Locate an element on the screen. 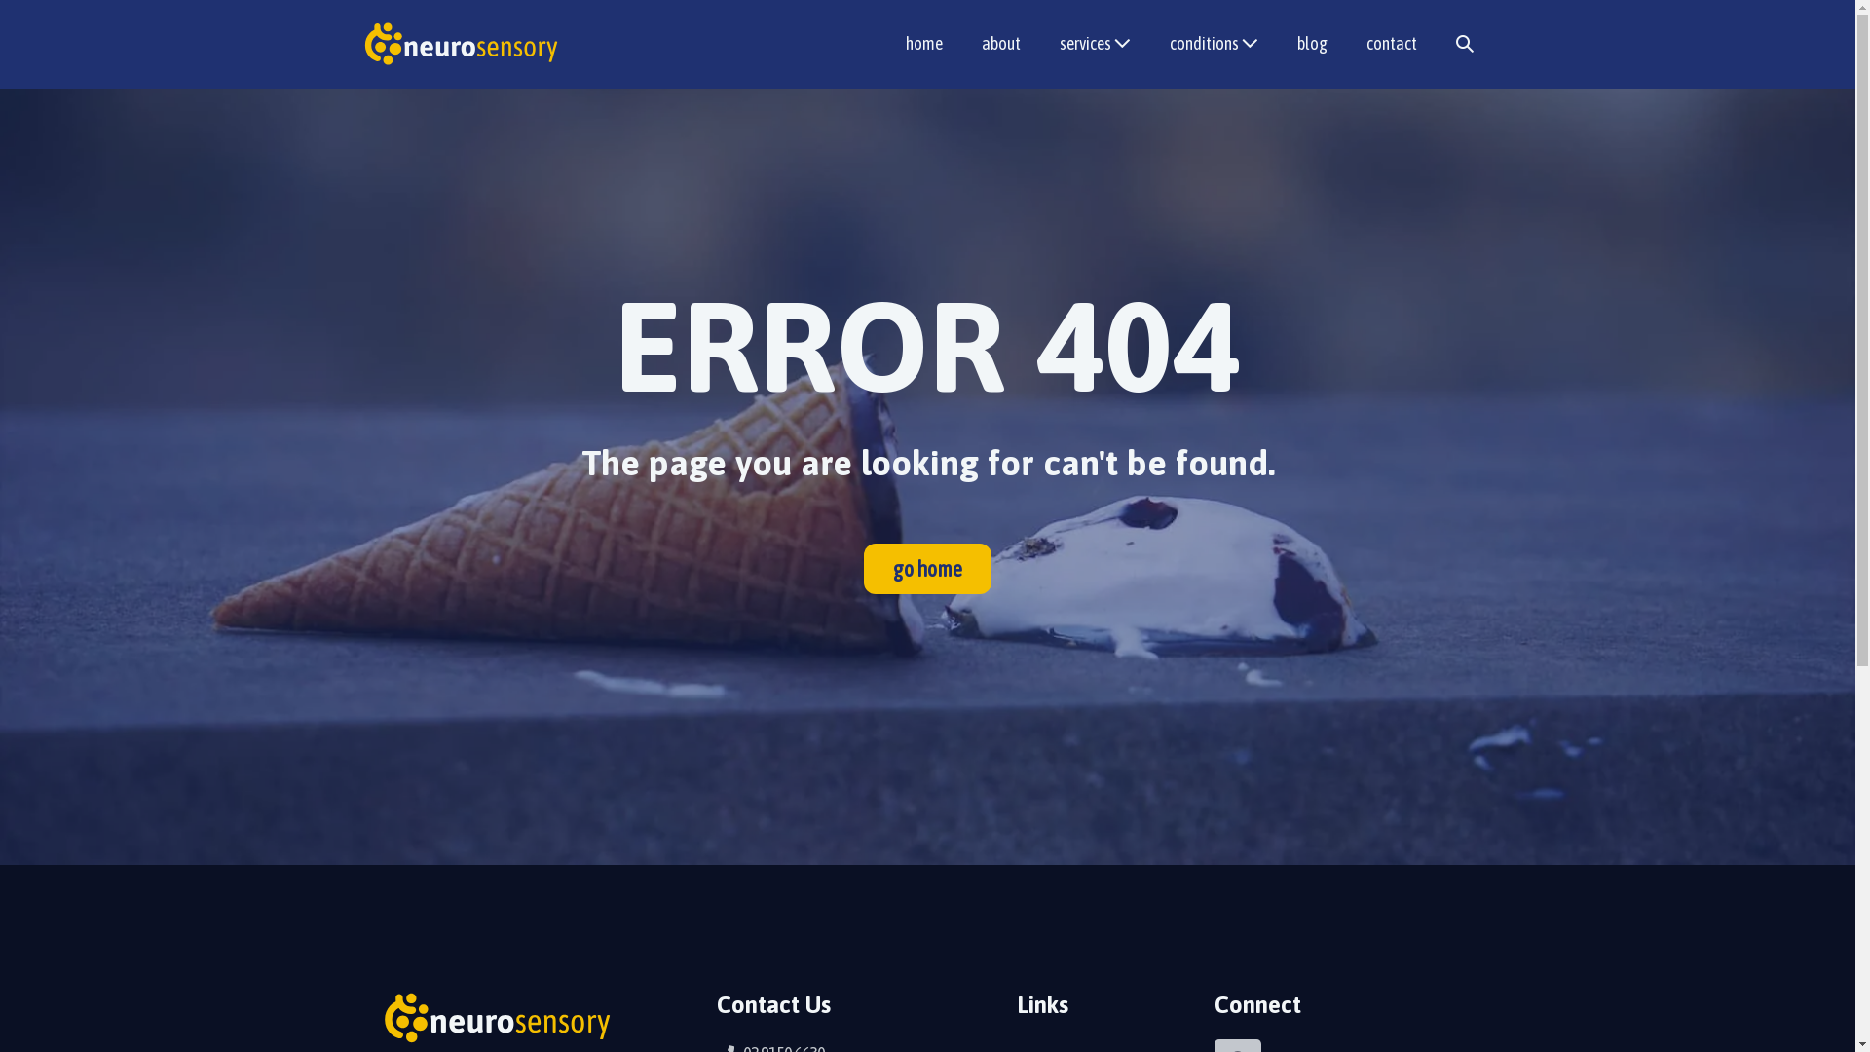 The width and height of the screenshot is (1870, 1052). 'home' is located at coordinates (885, 44).